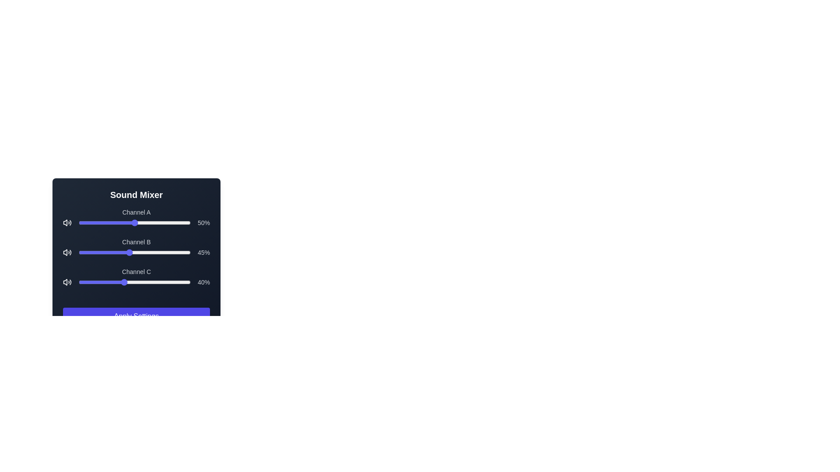  I want to click on the sound settings icon located to the left of the volume slider and the label '40%' for Channel C, so click(66, 282).